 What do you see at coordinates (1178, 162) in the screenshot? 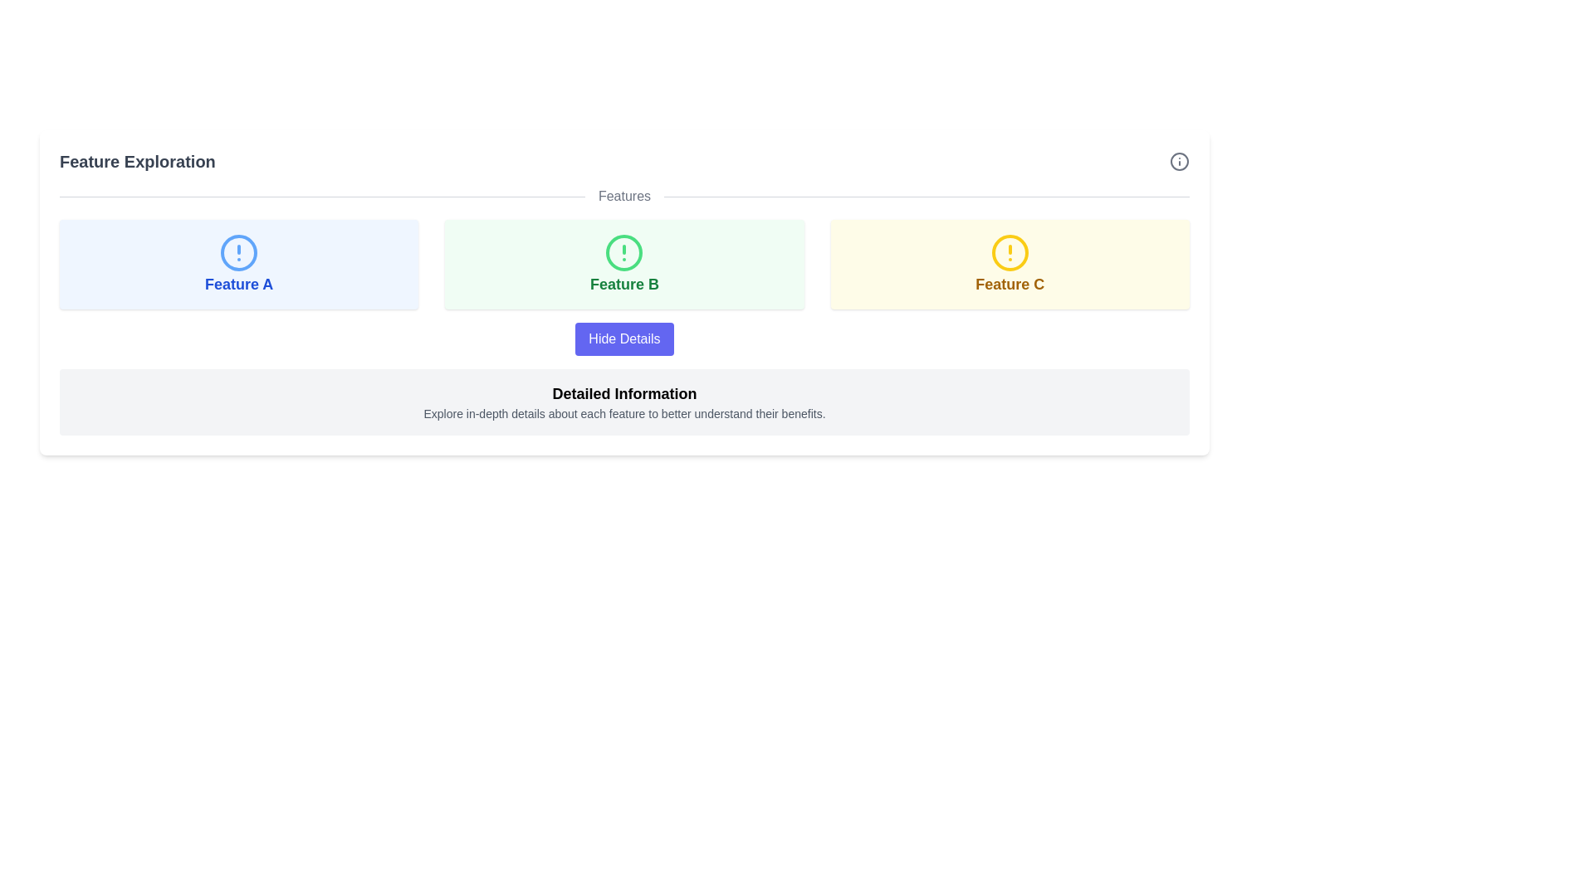
I see `the information icon, which is a gray circle with a lowercase 'i' inside, located at the far-right corner of the header next to the 'Feature Exploration' text for additional information` at bounding box center [1178, 162].